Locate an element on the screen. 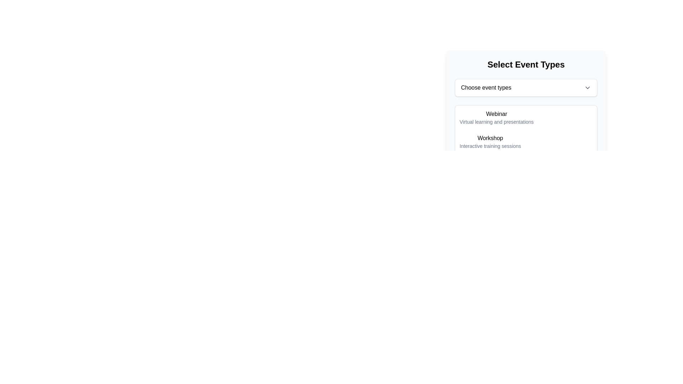 This screenshot has width=683, height=384. the static text component reading 'Interactive training sessions' displayed in a smaller font size and grayish color, which is located below the heading 'Workshop' within a list of event types is located at coordinates (490, 146).